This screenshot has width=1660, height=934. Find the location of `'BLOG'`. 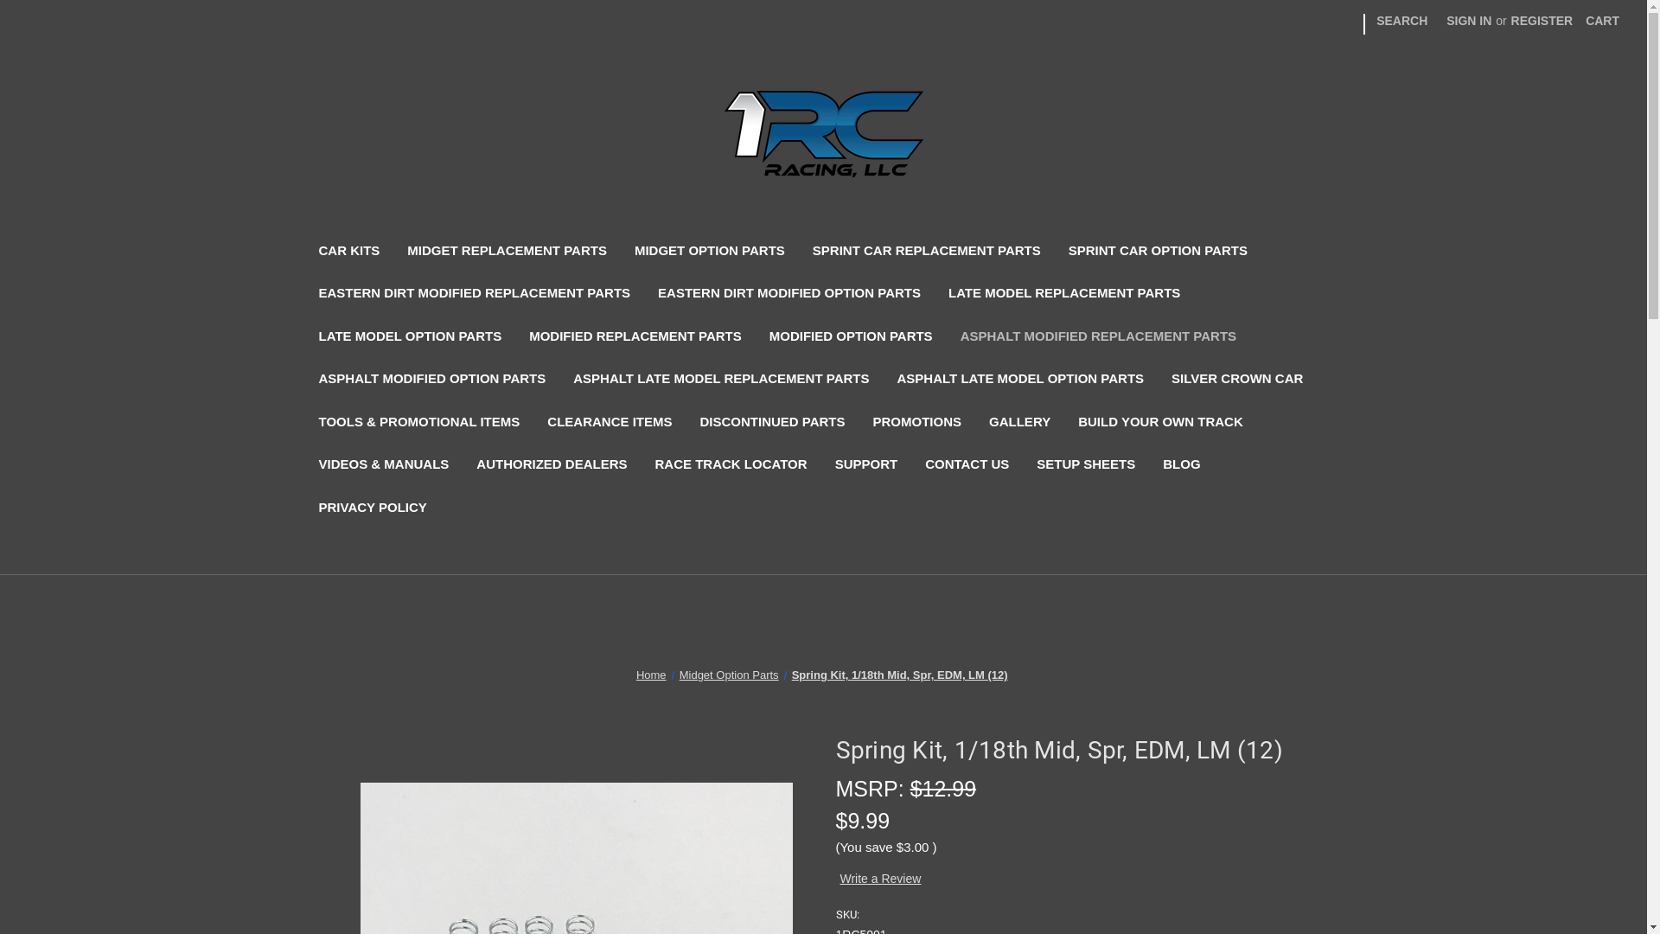

'BLOG' is located at coordinates (1180, 465).